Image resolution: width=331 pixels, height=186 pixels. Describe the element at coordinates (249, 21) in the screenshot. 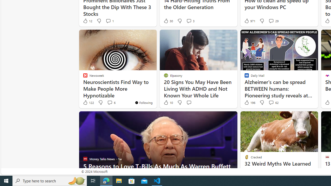

I see `'971 Like'` at that location.